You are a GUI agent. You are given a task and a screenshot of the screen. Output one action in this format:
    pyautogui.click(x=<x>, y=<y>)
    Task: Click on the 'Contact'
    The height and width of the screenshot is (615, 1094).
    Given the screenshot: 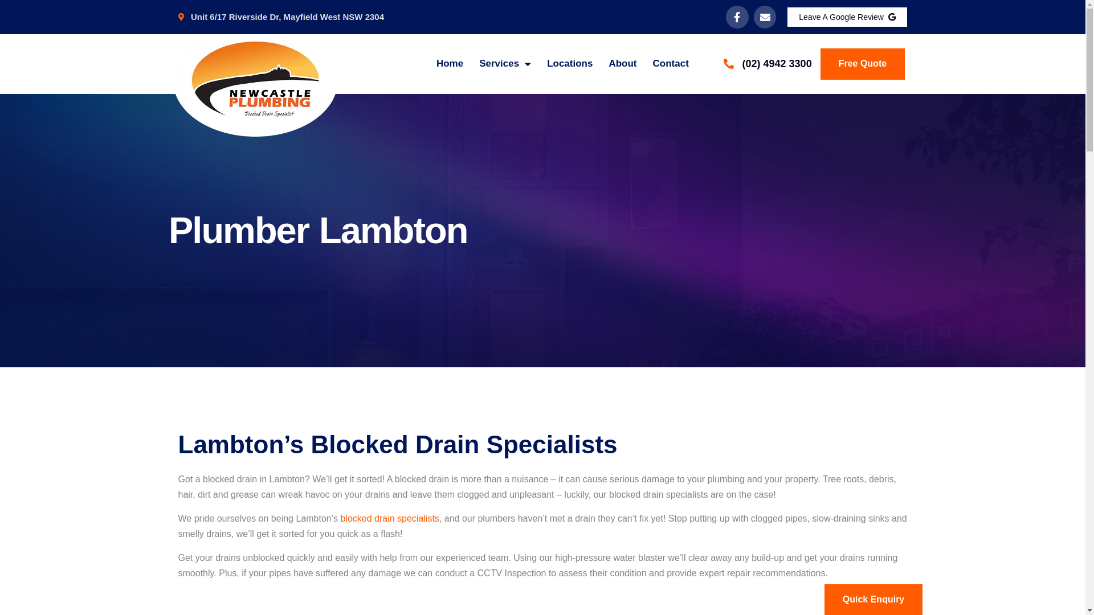 What is the action you would take?
    pyautogui.click(x=671, y=63)
    